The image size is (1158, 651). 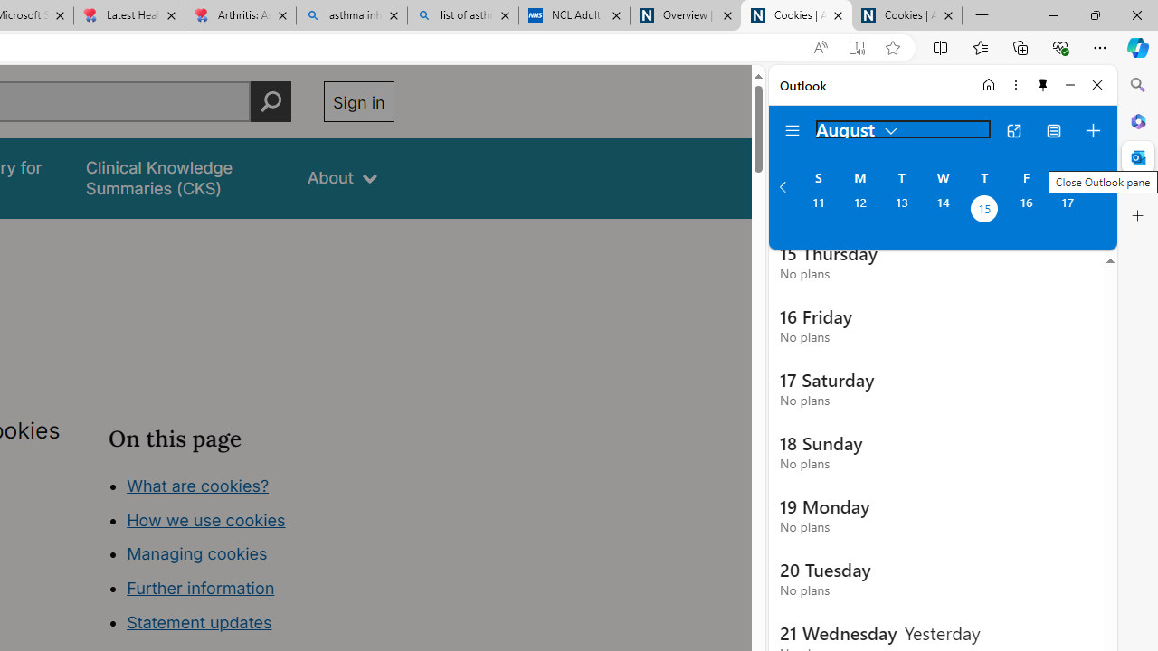 What do you see at coordinates (817, 210) in the screenshot?
I see `'Sunday, August 11, 2024. '` at bounding box center [817, 210].